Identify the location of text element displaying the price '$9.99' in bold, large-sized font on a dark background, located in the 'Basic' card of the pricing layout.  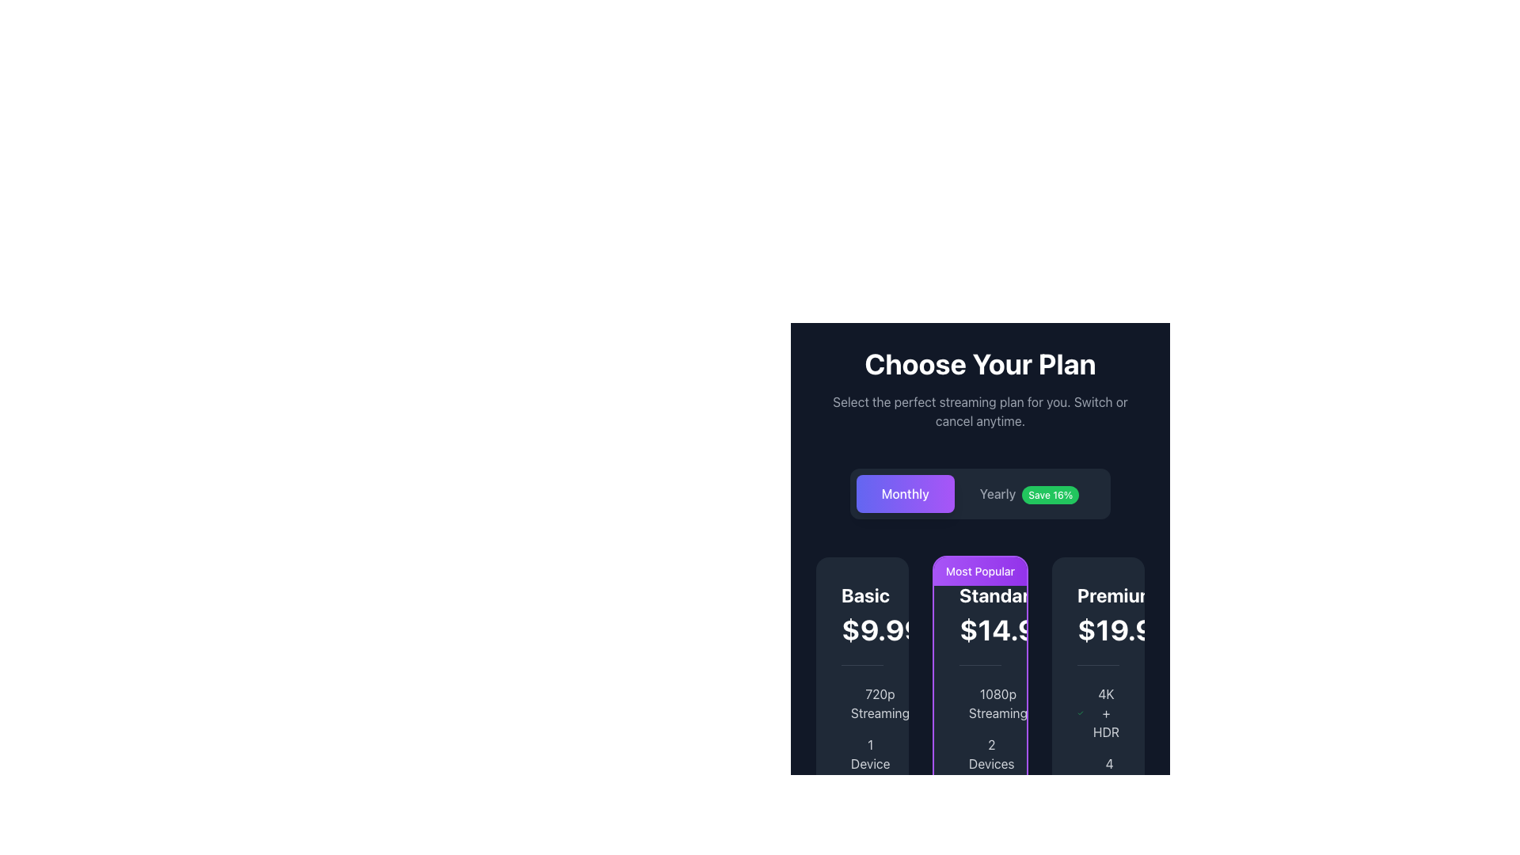
(881, 629).